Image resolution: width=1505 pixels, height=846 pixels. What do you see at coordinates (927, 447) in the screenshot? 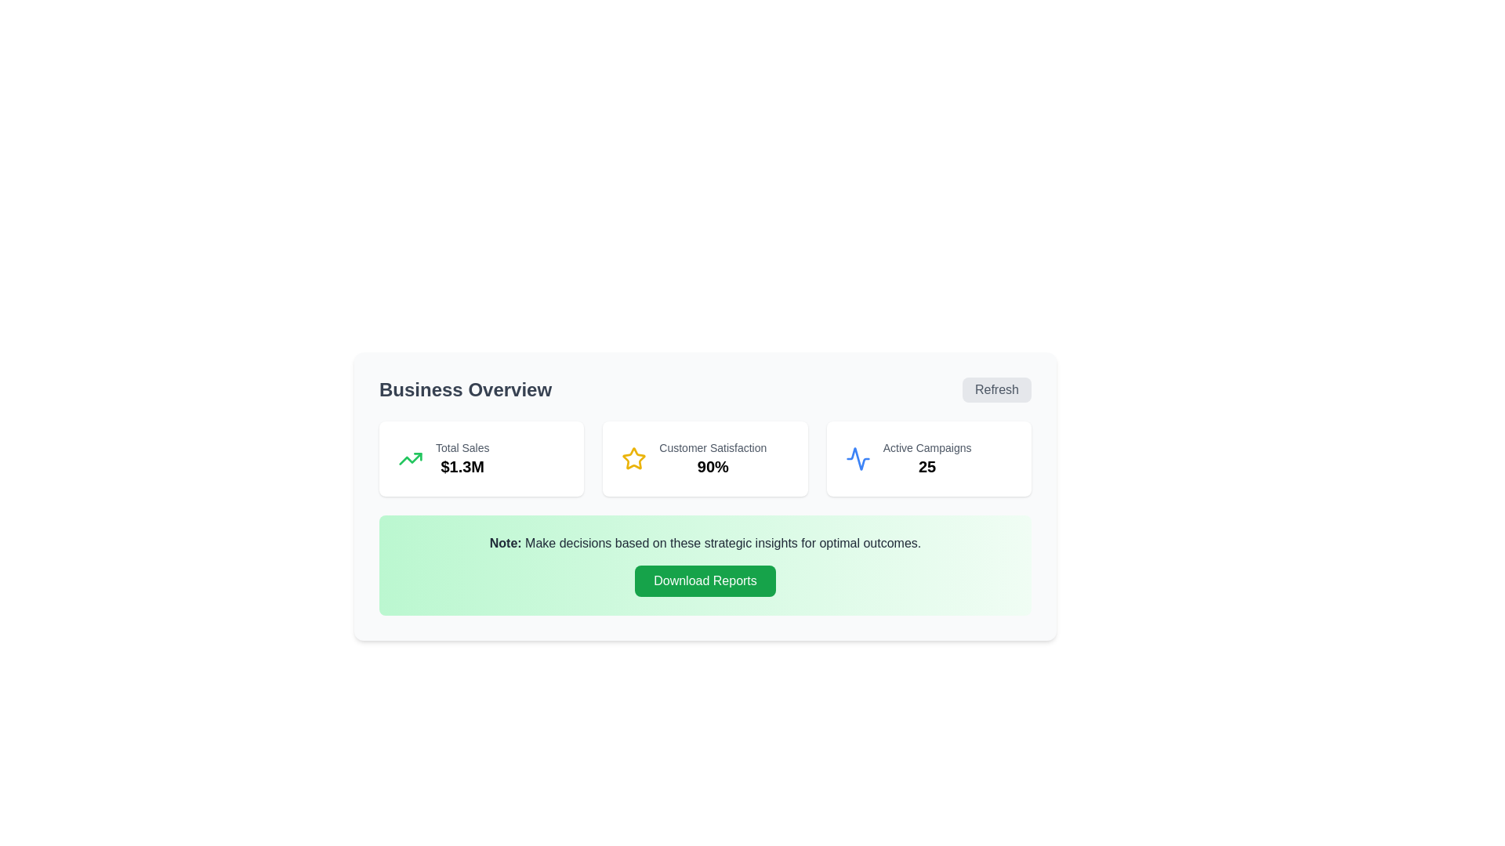
I see `the static text label displaying 'Active Campaigns' in gray color, located at the top of the third column in the 'Business Overview' section` at bounding box center [927, 447].